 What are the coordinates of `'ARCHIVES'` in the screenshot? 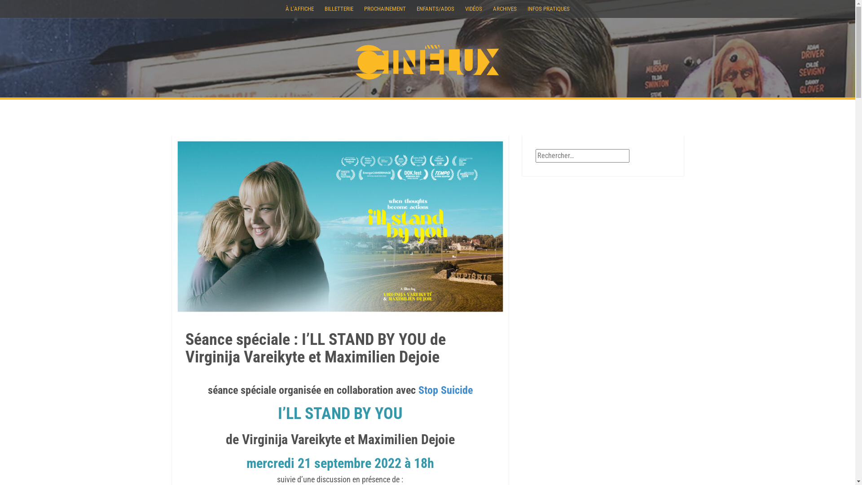 It's located at (505, 9).